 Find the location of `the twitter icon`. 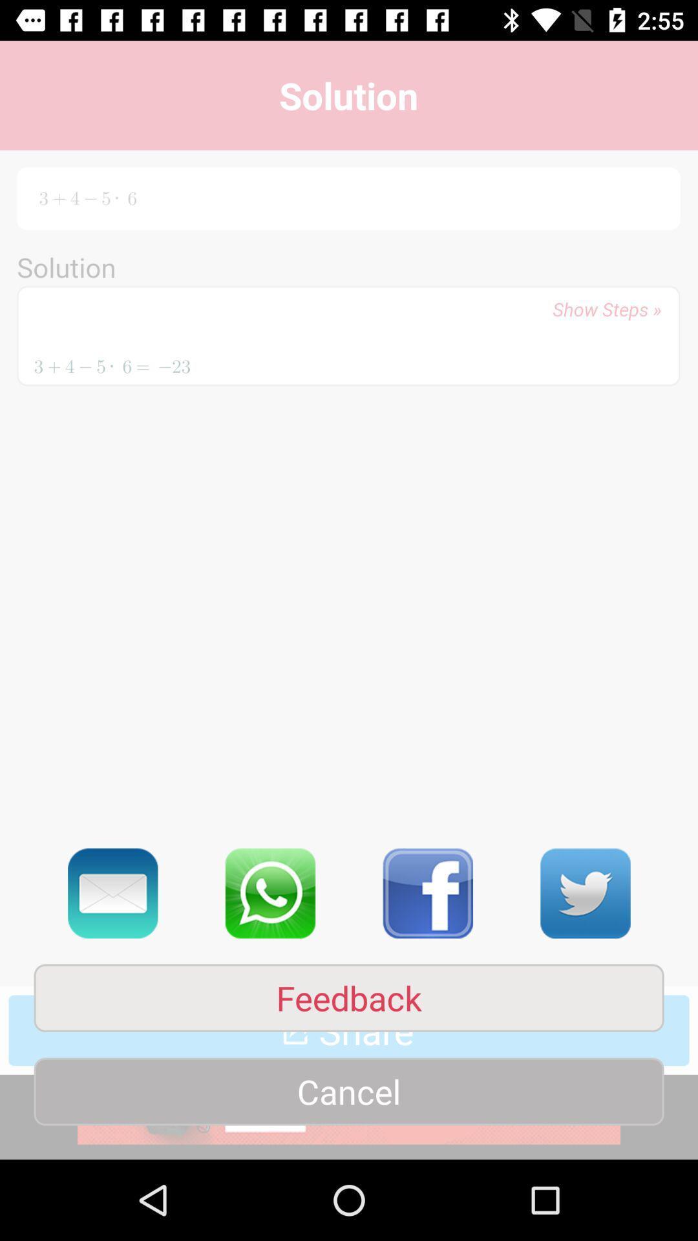

the twitter icon is located at coordinates (585, 893).